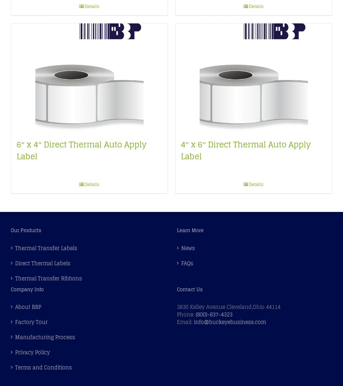  Describe the element at coordinates (190, 230) in the screenshot. I see `'Learn More'` at that location.